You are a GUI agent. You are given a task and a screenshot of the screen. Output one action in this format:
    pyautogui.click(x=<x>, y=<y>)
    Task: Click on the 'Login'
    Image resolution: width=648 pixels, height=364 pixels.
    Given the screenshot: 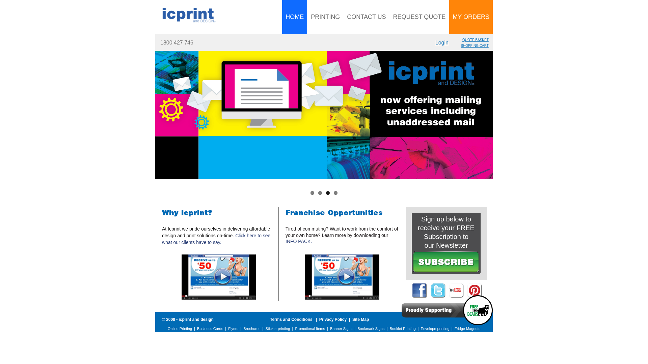 What is the action you would take?
    pyautogui.click(x=442, y=42)
    